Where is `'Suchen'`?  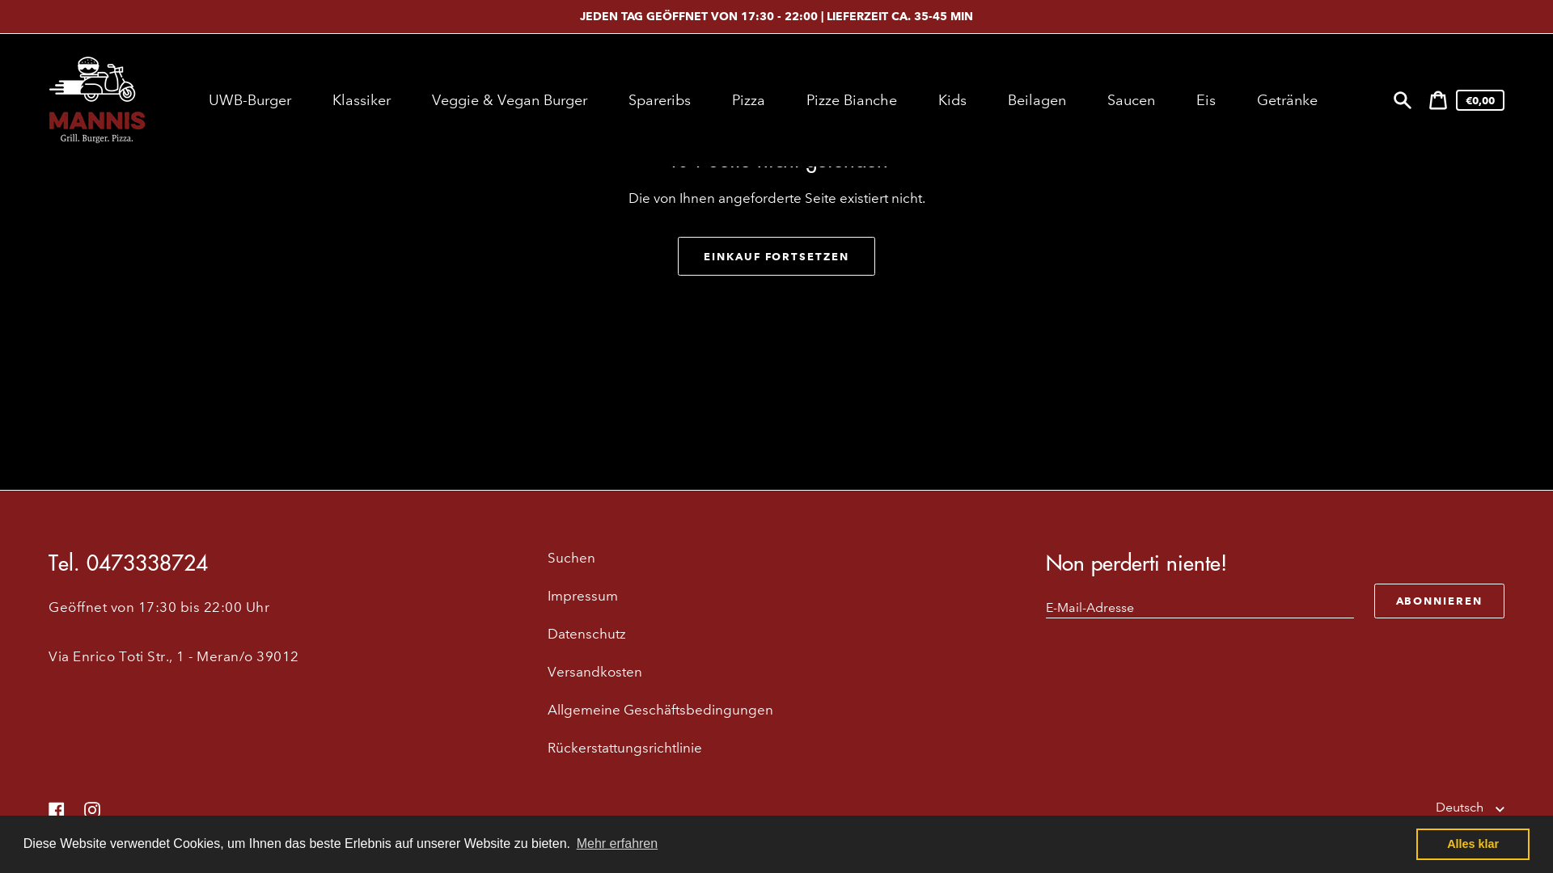
'Suchen' is located at coordinates (571, 557).